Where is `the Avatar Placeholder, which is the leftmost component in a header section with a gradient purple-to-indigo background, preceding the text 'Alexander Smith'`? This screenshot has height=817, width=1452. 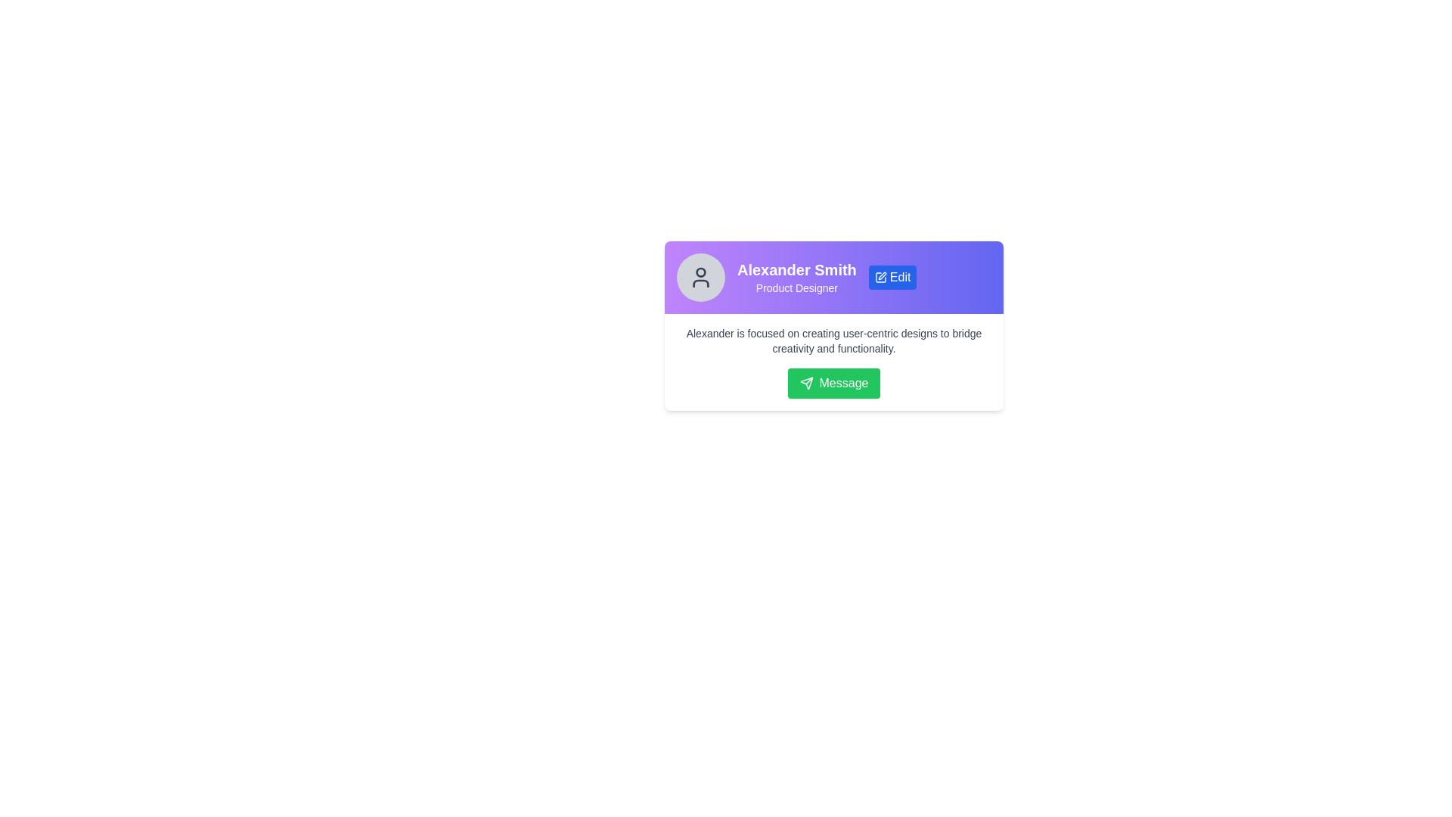 the Avatar Placeholder, which is the leftmost component in a header section with a gradient purple-to-indigo background, preceding the text 'Alexander Smith' is located at coordinates (700, 277).